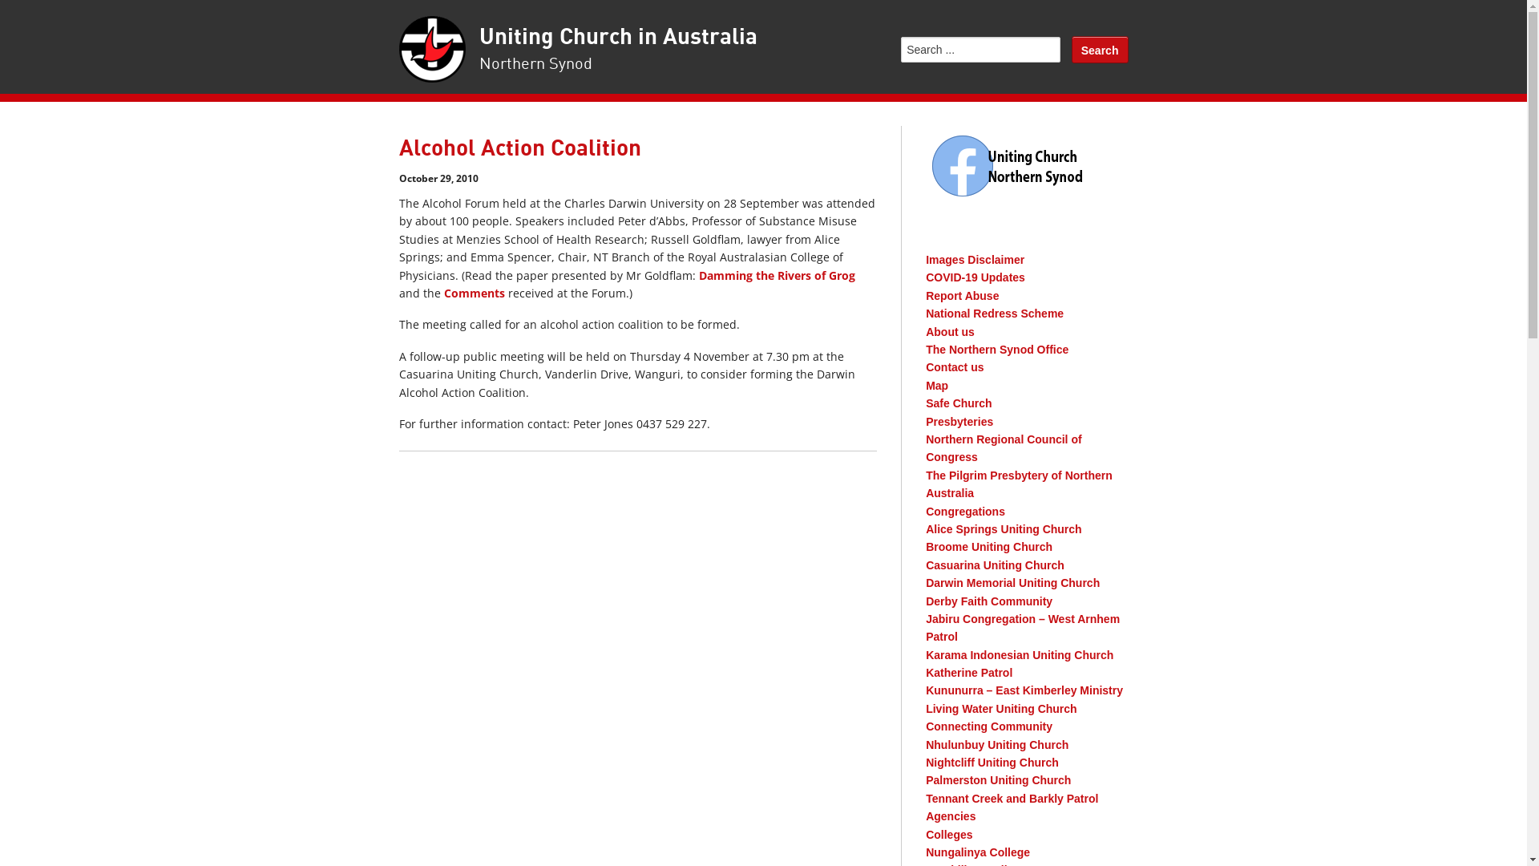 The image size is (1539, 866). Describe the element at coordinates (1011, 798) in the screenshot. I see `'Tennant Creek and Barkly Patrol'` at that location.